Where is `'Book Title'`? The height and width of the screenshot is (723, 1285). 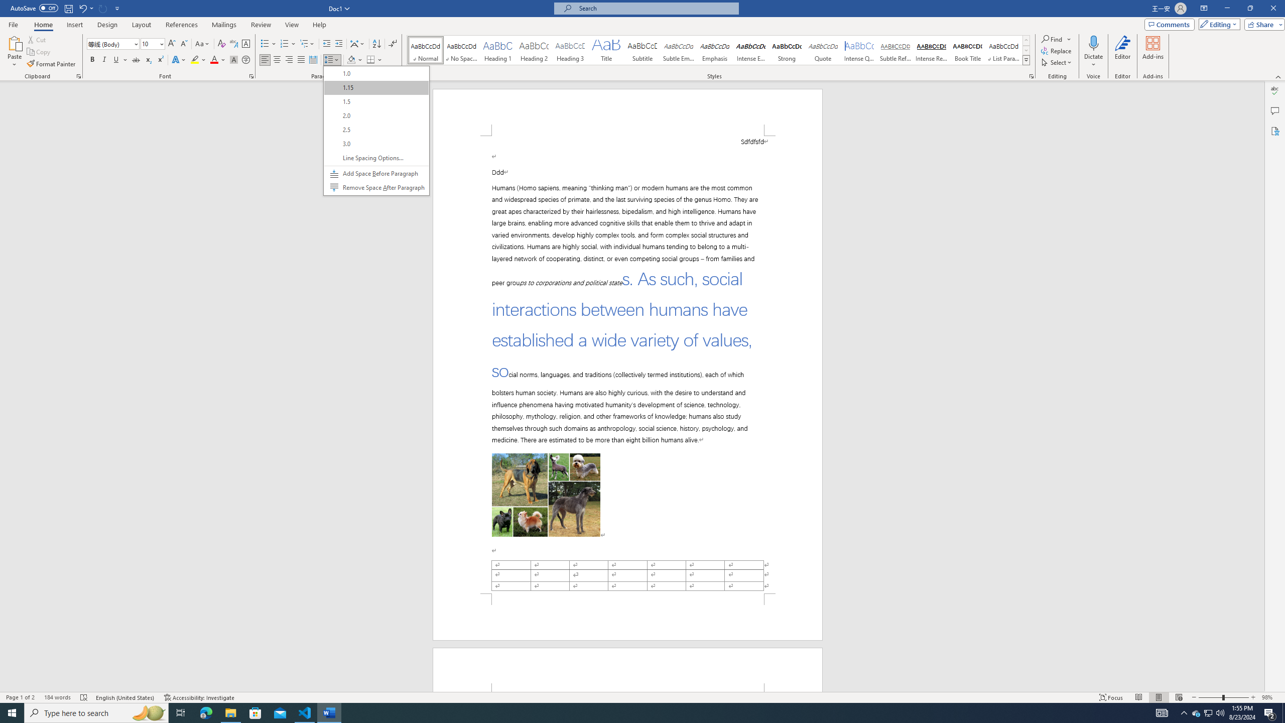 'Book Title' is located at coordinates (967, 50).